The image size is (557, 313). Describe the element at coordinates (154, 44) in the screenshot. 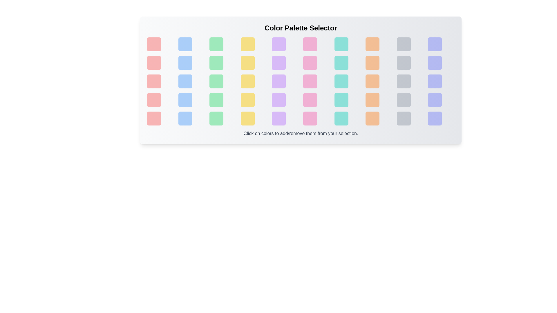

I see `the first color in the grid to highlight it for inspection` at that location.